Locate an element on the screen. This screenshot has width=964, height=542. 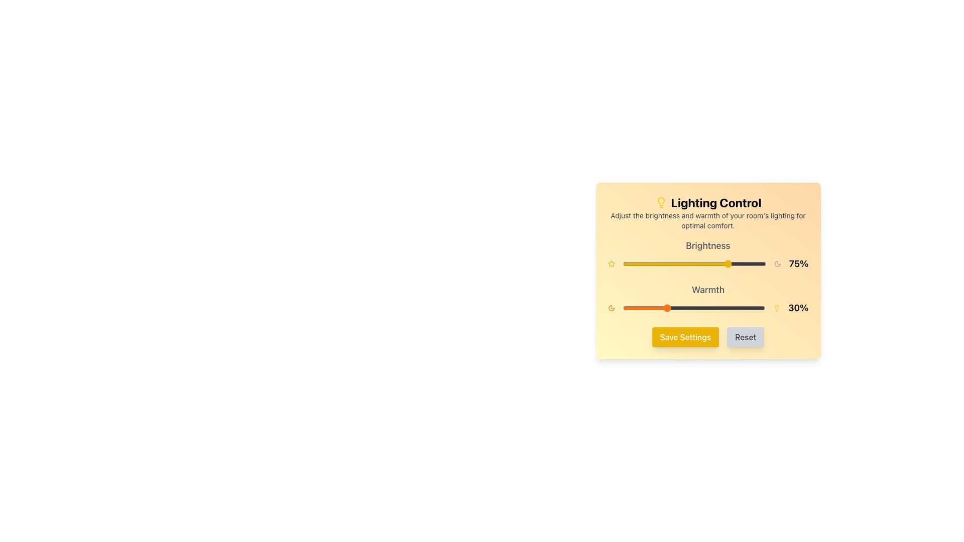
the brightness is located at coordinates (685, 263).